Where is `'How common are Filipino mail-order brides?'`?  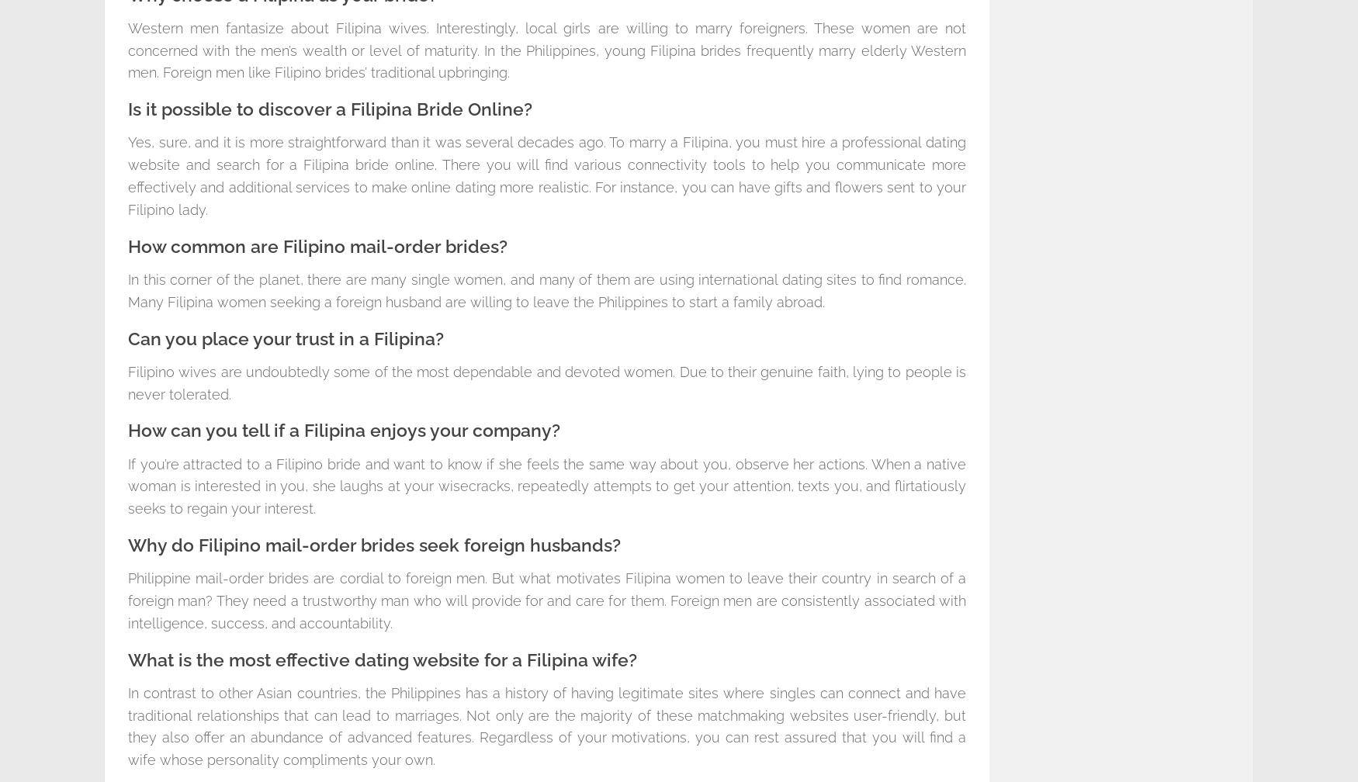 'How common are Filipino mail-order brides?' is located at coordinates (317, 246).